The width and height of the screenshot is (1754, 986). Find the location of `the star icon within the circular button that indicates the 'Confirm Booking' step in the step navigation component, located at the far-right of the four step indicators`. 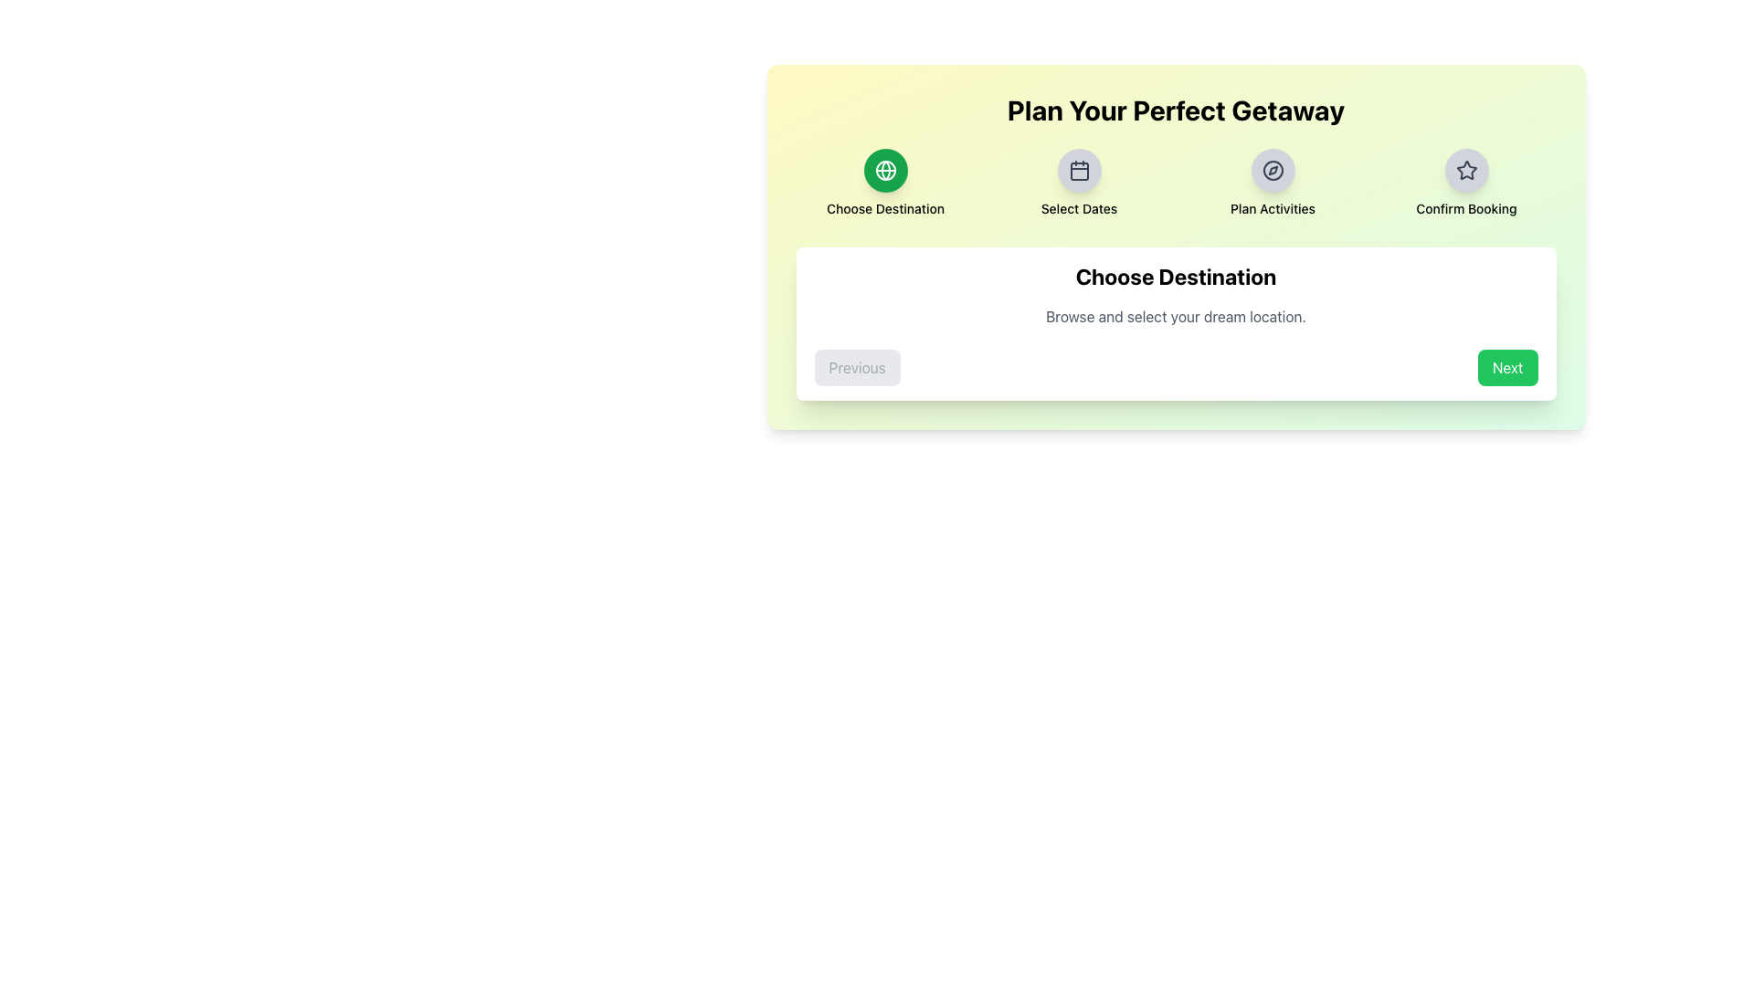

the star icon within the circular button that indicates the 'Confirm Booking' step in the step navigation component, located at the far-right of the four step indicators is located at coordinates (1466, 170).